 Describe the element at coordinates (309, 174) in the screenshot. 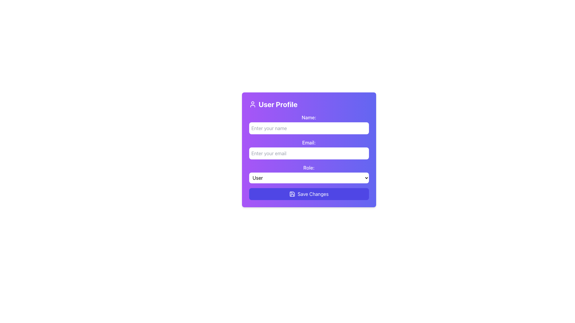

I see `the Dropdown menu located below the 'Email' field` at that location.